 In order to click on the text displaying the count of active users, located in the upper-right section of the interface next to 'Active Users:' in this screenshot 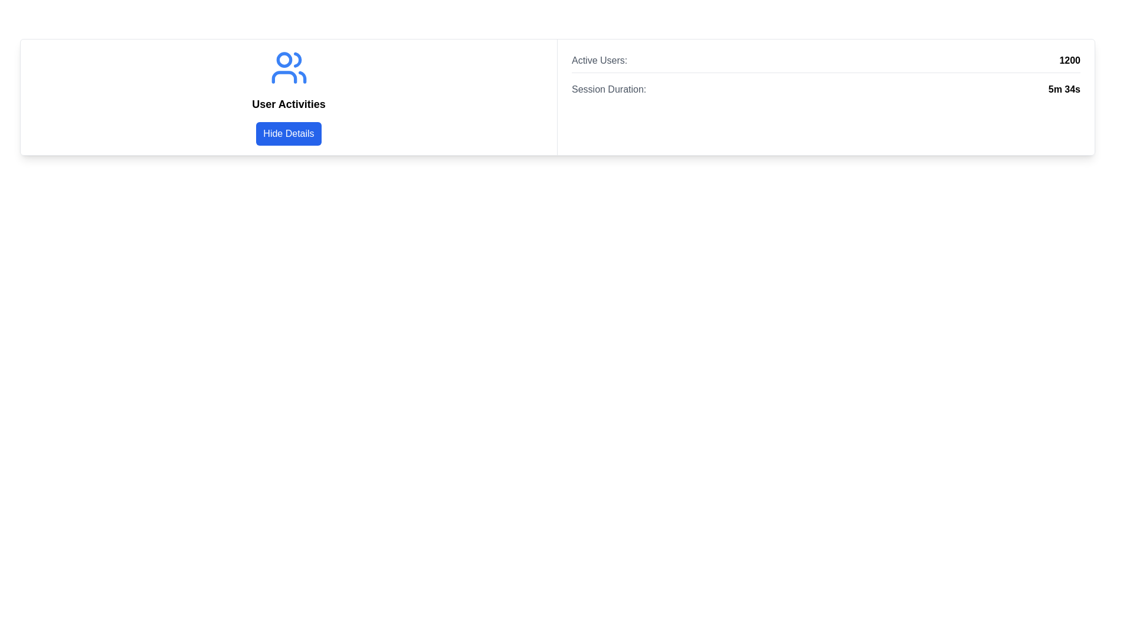, I will do `click(1070, 61)`.